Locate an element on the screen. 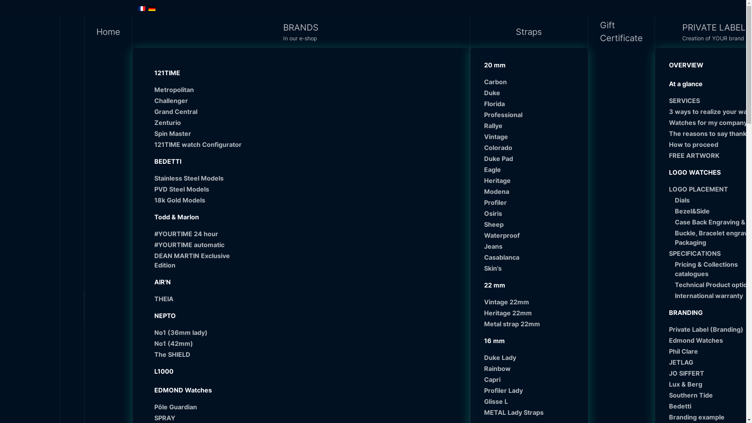 The image size is (752, 423). 'EDMOND Watches' is located at coordinates (148, 390).